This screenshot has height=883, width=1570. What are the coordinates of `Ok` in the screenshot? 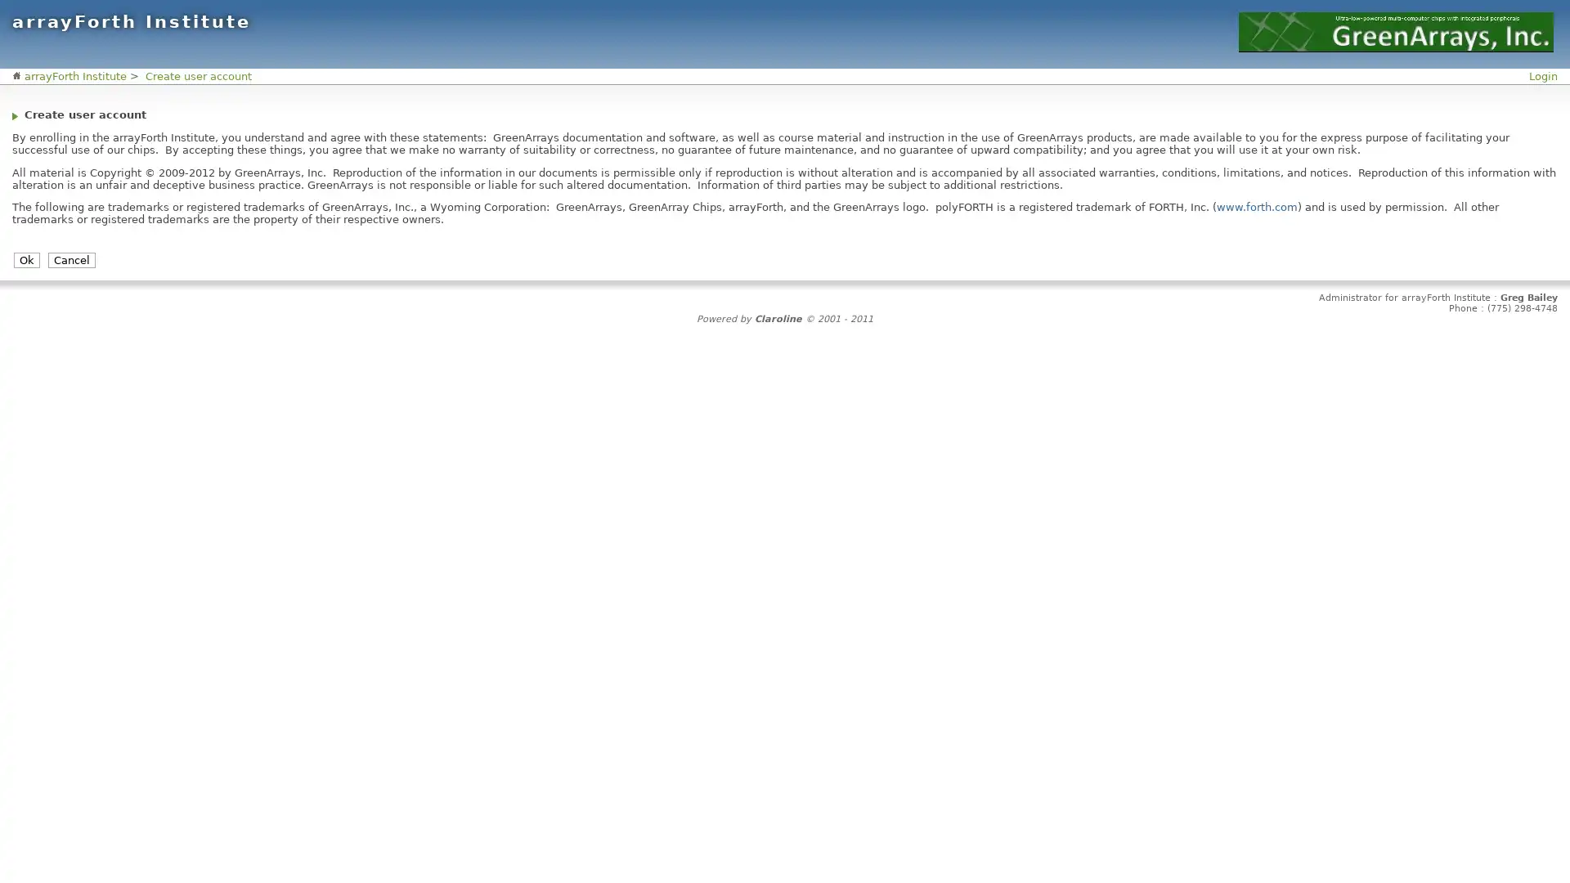 It's located at (27, 259).